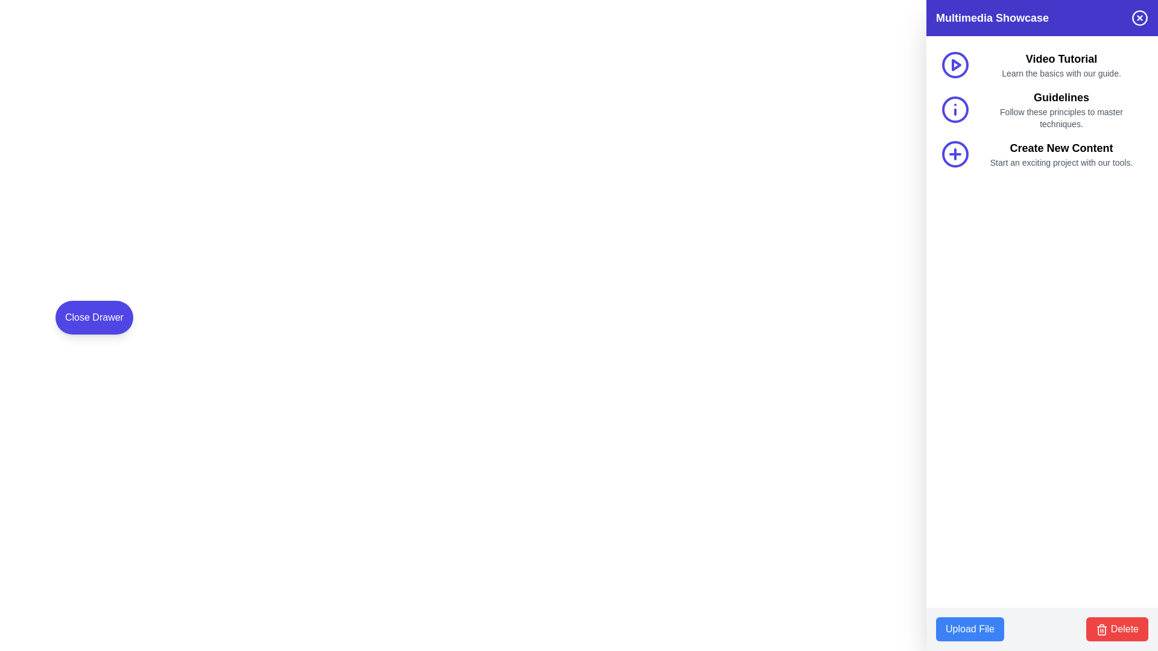 The width and height of the screenshot is (1158, 651). Describe the element at coordinates (1139, 18) in the screenshot. I see `the close button located in the upper-right corner of the 'Multimedia Showcase' section` at that location.